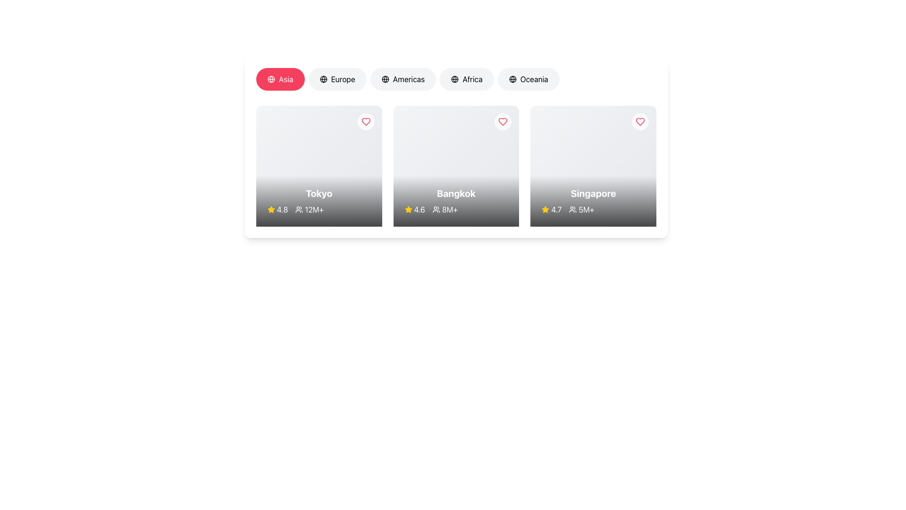 The width and height of the screenshot is (906, 510). What do you see at coordinates (552, 209) in the screenshot?
I see `rating value '4.7' displayed near the yellow star icon in the third card (Singapore) of the horizontally oriented list of cards` at bounding box center [552, 209].